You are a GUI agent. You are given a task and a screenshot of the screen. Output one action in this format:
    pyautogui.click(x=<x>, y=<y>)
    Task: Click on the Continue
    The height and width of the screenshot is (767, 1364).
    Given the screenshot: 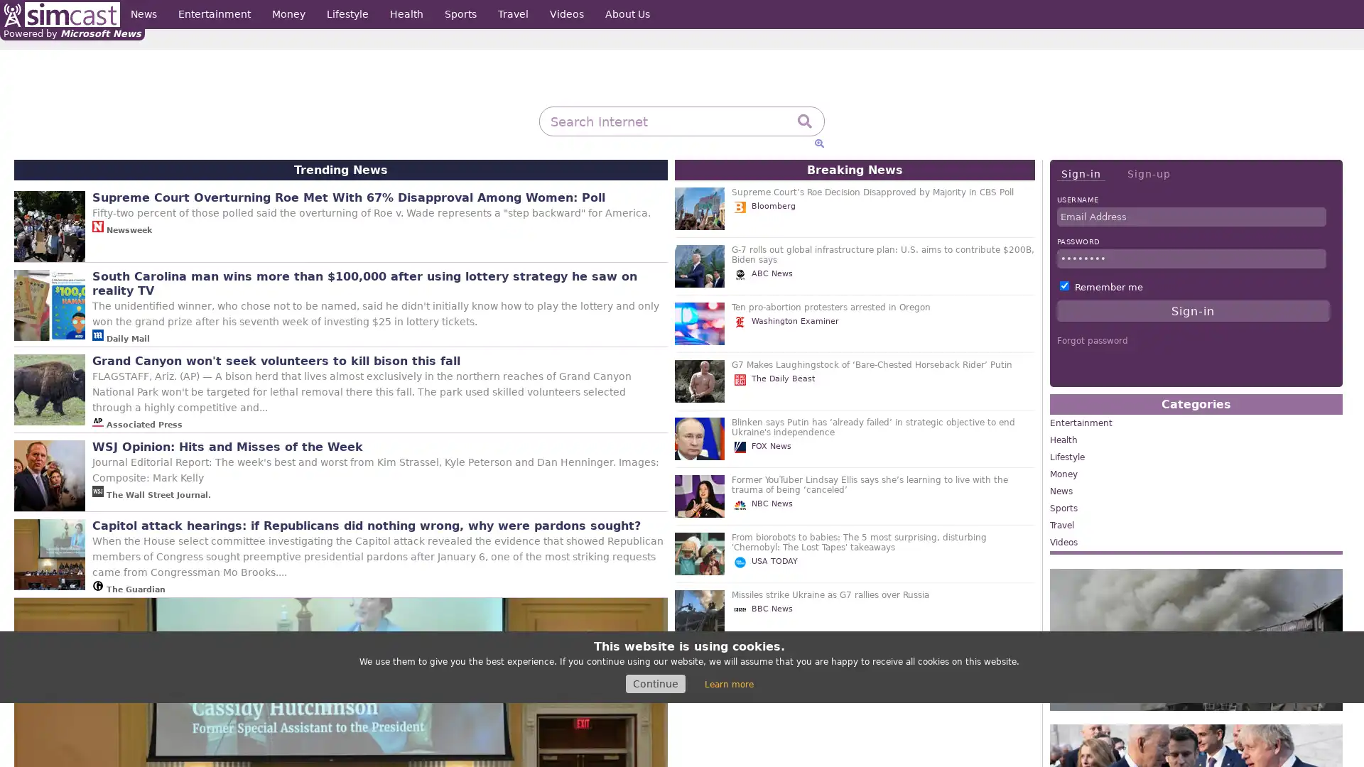 What is the action you would take?
    pyautogui.click(x=654, y=683)
    